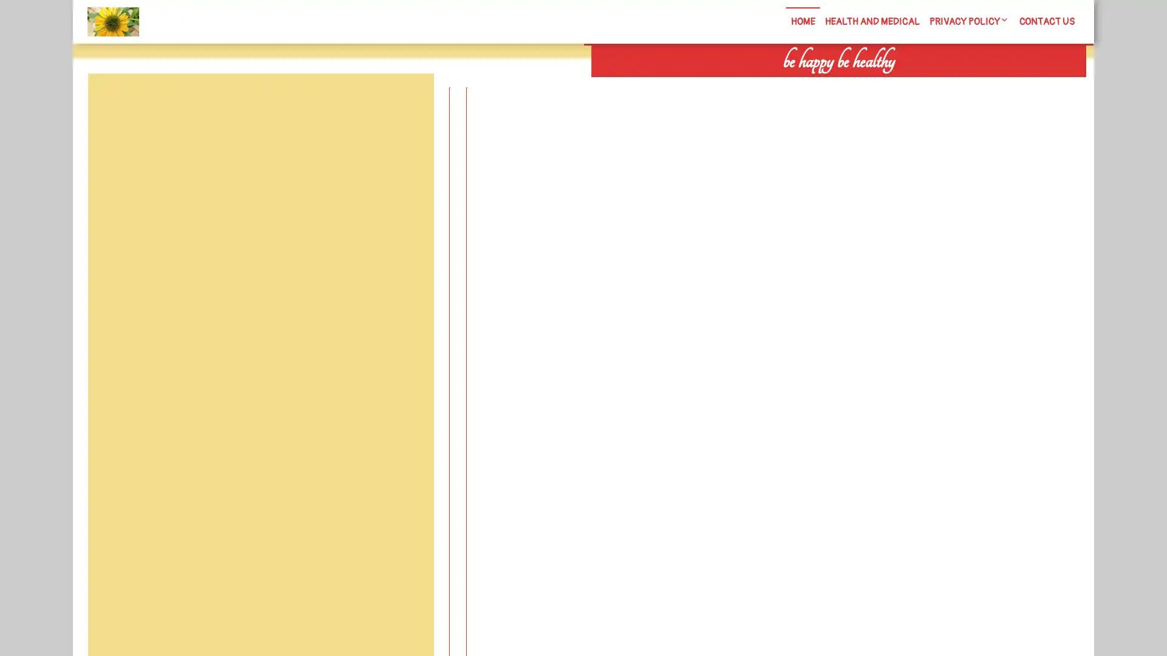 The image size is (1167, 656). I want to click on Search, so click(405, 102).